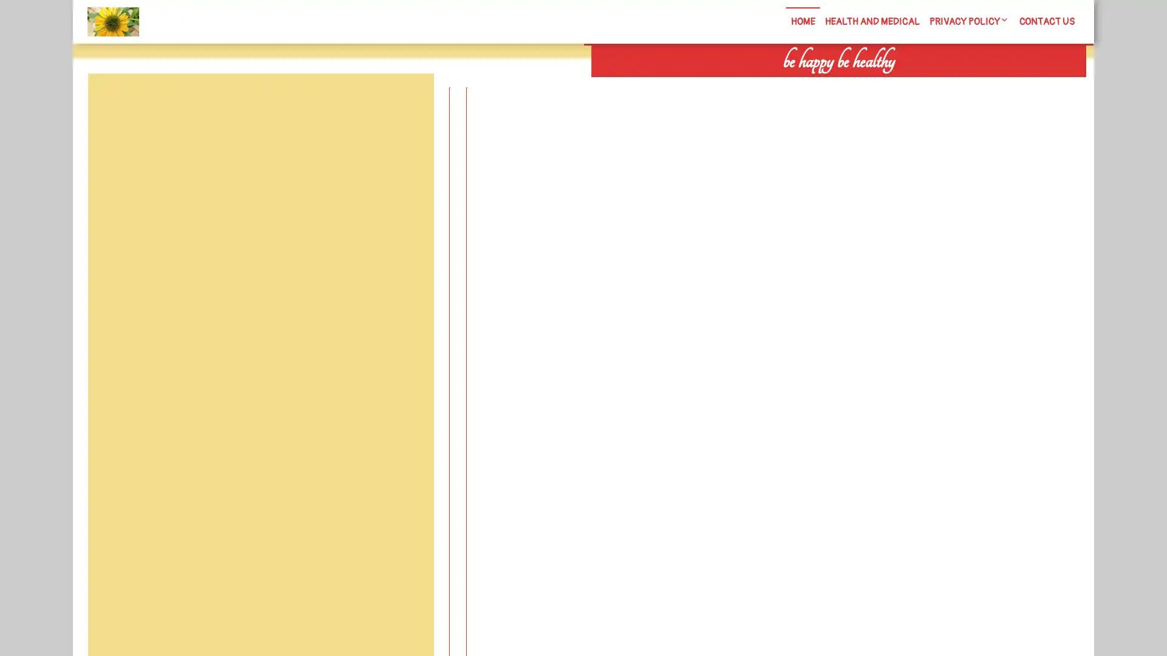 The image size is (1167, 656). I want to click on Search, so click(405, 102).